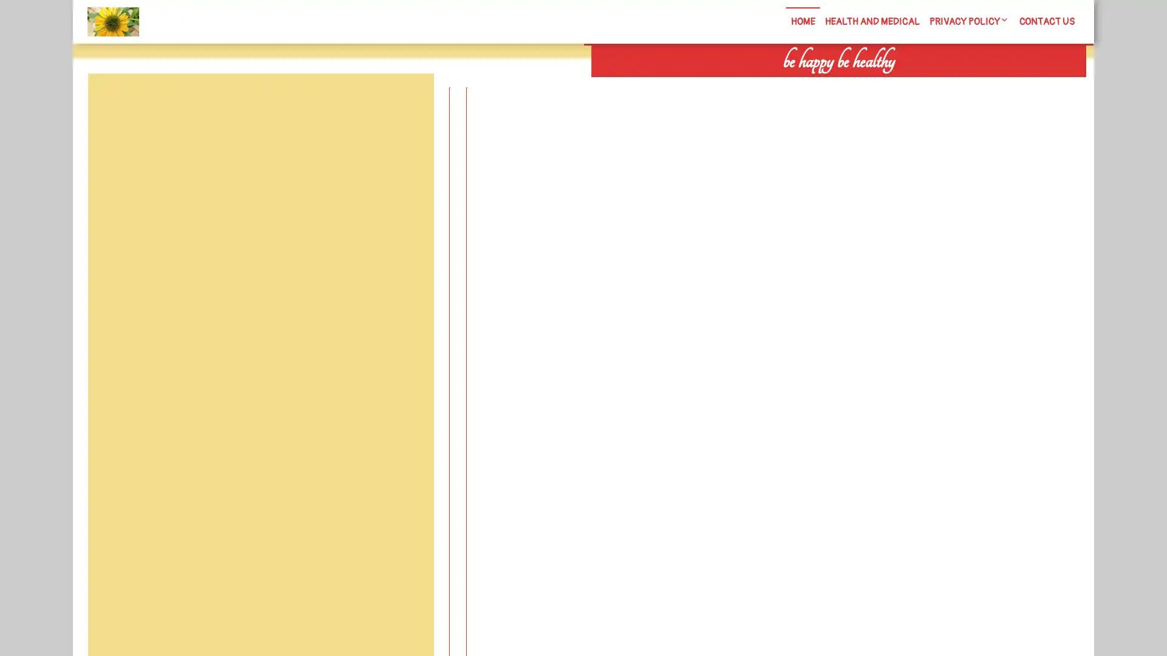 The image size is (1167, 656). I want to click on Search, so click(405, 102).